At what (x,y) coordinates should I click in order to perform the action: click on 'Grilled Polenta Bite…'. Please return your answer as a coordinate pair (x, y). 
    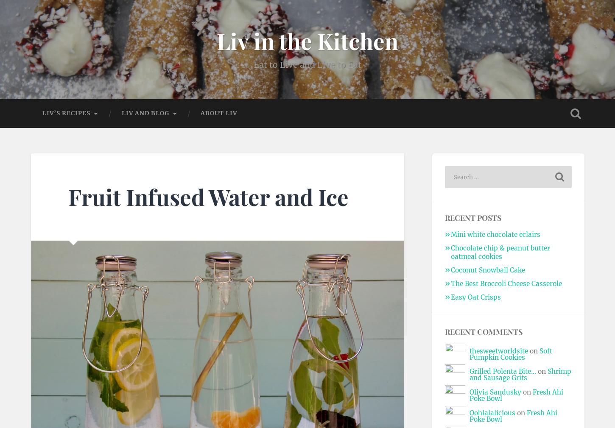
    Looking at the image, I should click on (469, 371).